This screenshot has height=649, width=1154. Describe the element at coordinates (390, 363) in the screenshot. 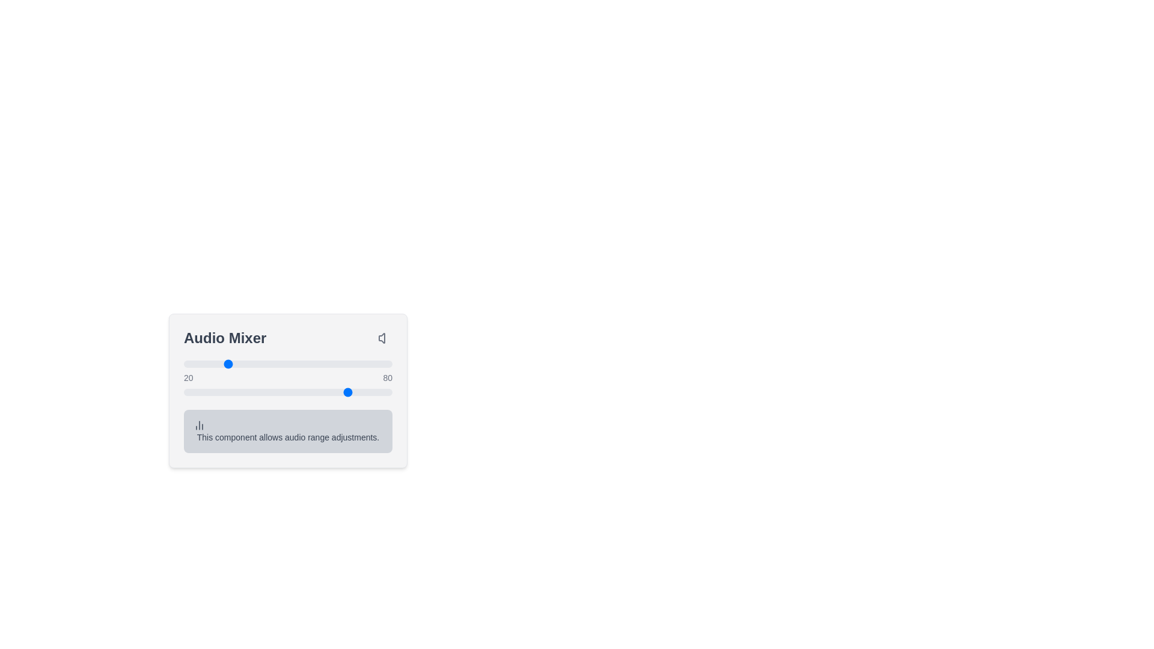

I see `the slider` at that location.